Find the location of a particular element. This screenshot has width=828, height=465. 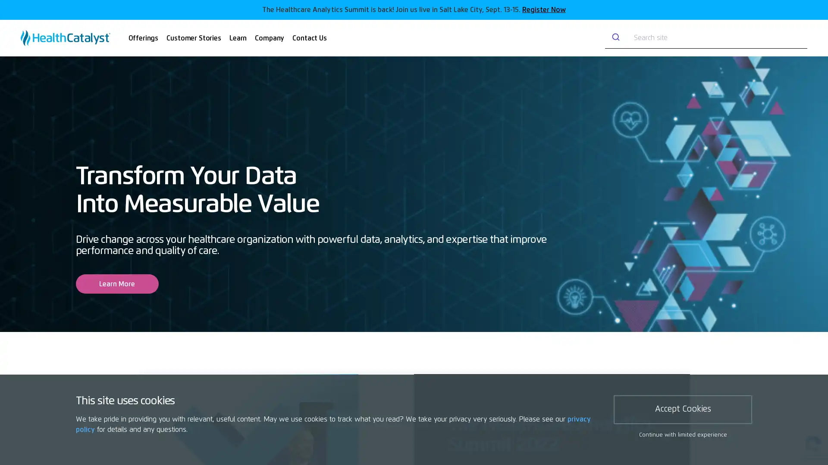

Submit is located at coordinates (614, 37).